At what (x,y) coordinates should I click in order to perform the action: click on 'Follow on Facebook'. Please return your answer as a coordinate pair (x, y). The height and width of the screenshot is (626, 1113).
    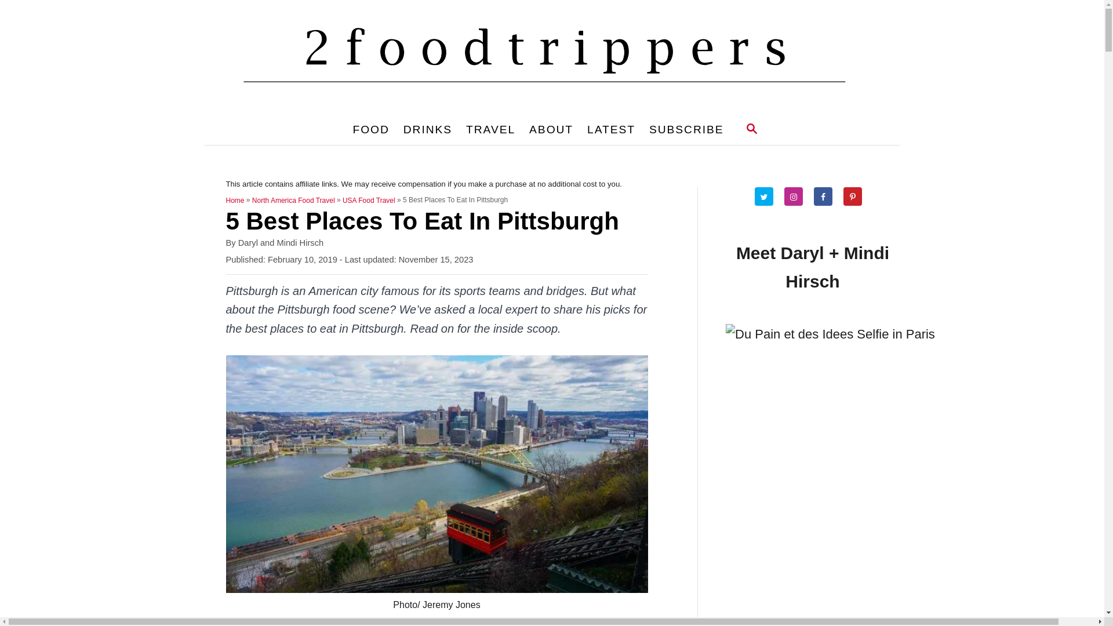
    Looking at the image, I should click on (827, 196).